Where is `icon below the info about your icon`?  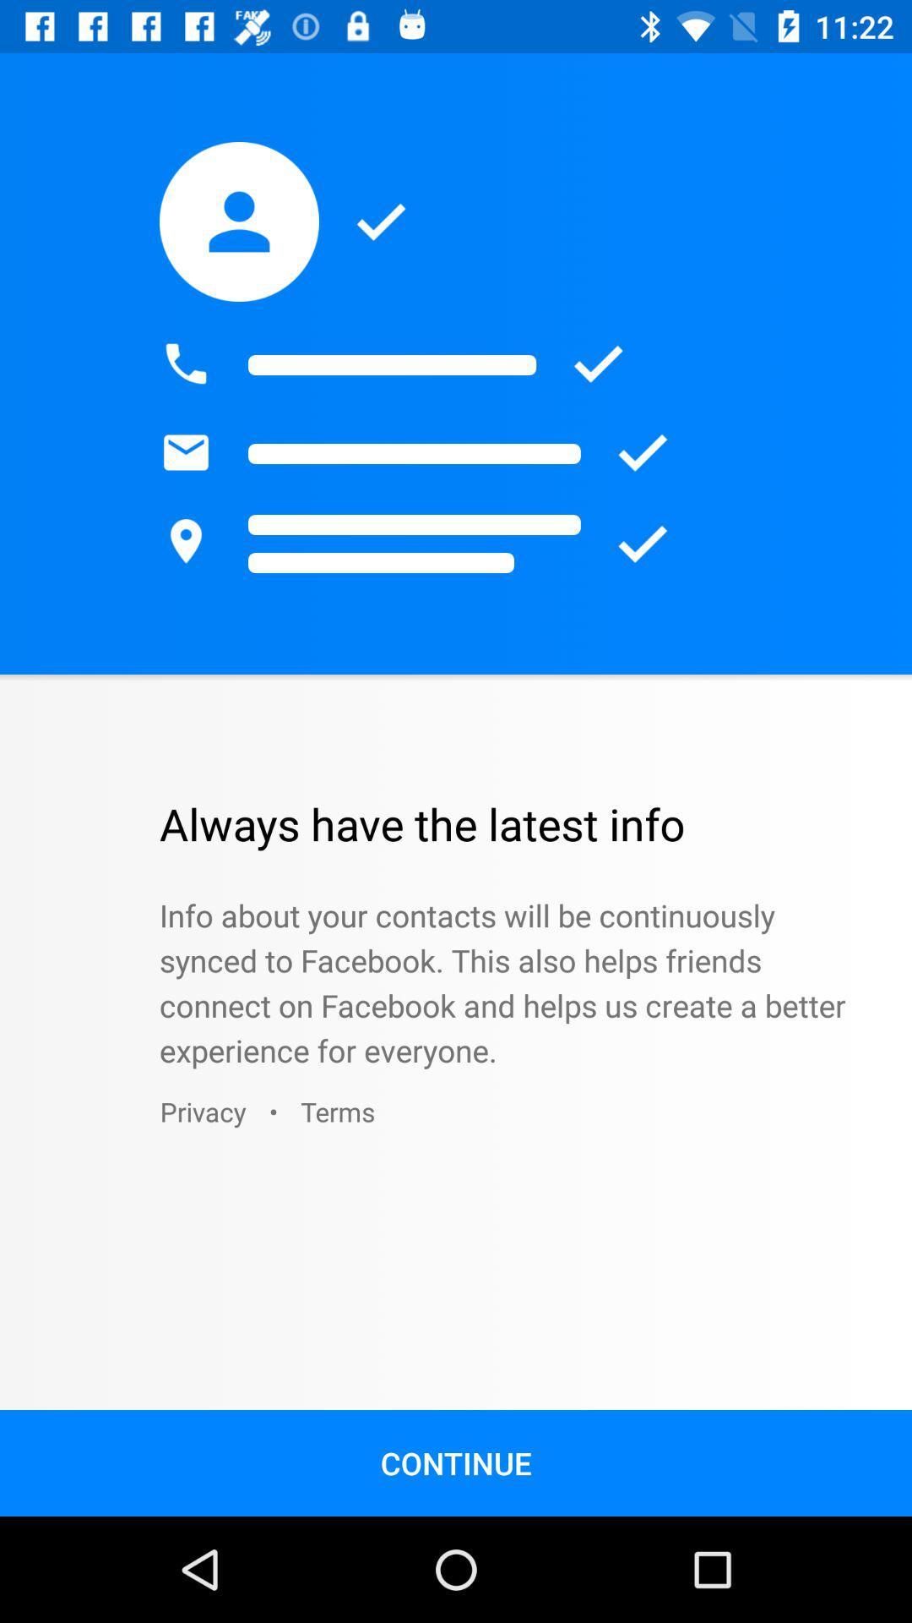 icon below the info about your icon is located at coordinates (202, 1112).